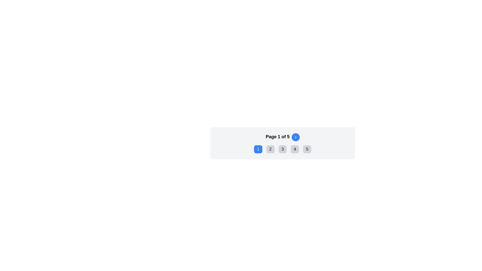  What do you see at coordinates (283, 149) in the screenshot?
I see `the third button of the pagination control located at the bottom center of the card-like area for accessibility` at bounding box center [283, 149].